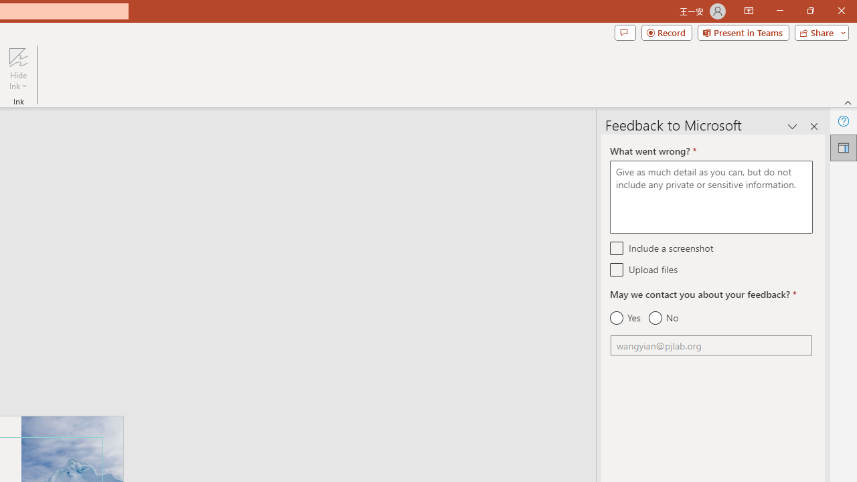 The height and width of the screenshot is (482, 857). I want to click on 'No', so click(663, 318).